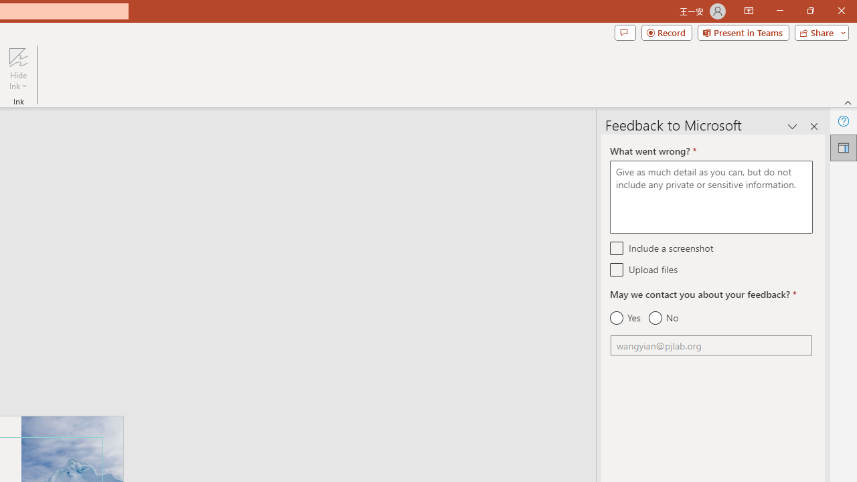 The height and width of the screenshot is (482, 857). I want to click on 'No', so click(663, 318).